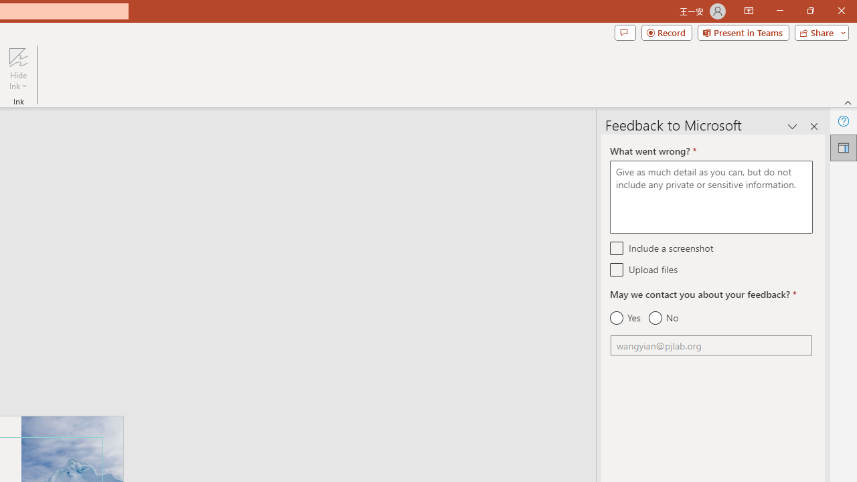 The height and width of the screenshot is (482, 857). I want to click on 'No', so click(663, 318).